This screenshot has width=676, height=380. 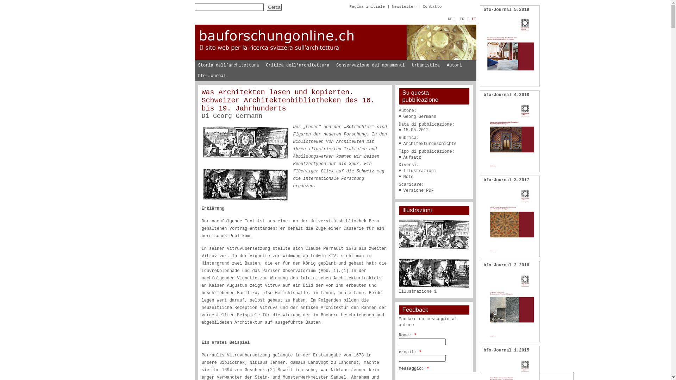 What do you see at coordinates (506, 9) in the screenshot?
I see `'bfo-Journal 5.2019'` at bounding box center [506, 9].